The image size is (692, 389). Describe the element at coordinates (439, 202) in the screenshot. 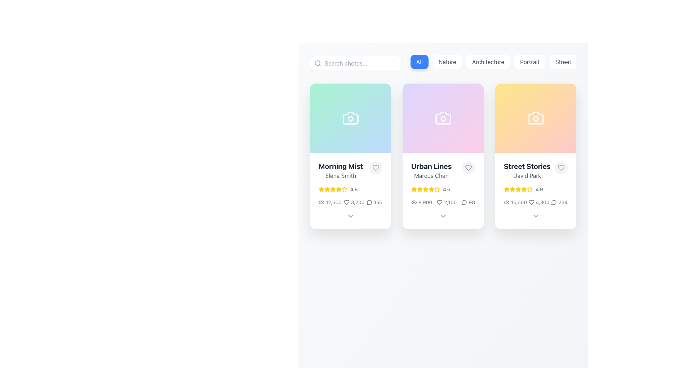

I see `the heart-shaped icon indicating likes or favorites, located next to the numerical count '2,100' within the 'Urban Lines' card` at that location.